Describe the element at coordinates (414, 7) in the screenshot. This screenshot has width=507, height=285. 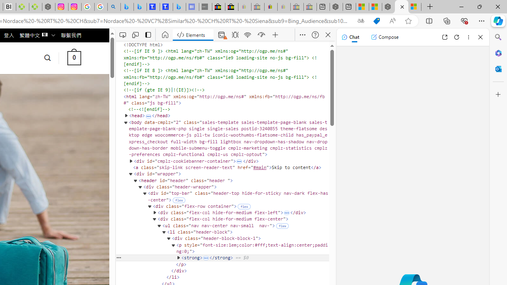
I see `'Sign in to your Microsoft account'` at that location.